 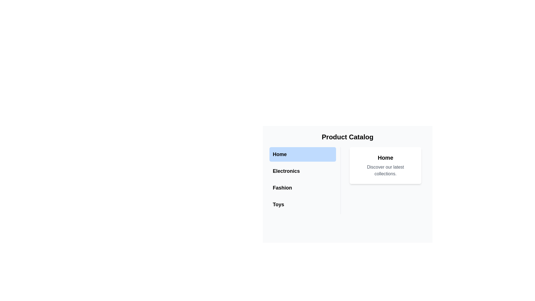 I want to click on the static text label that provides a welcoming or promotional message, located underneath the 'Home' text in the card section on the middle-right of the interface, so click(x=385, y=170).